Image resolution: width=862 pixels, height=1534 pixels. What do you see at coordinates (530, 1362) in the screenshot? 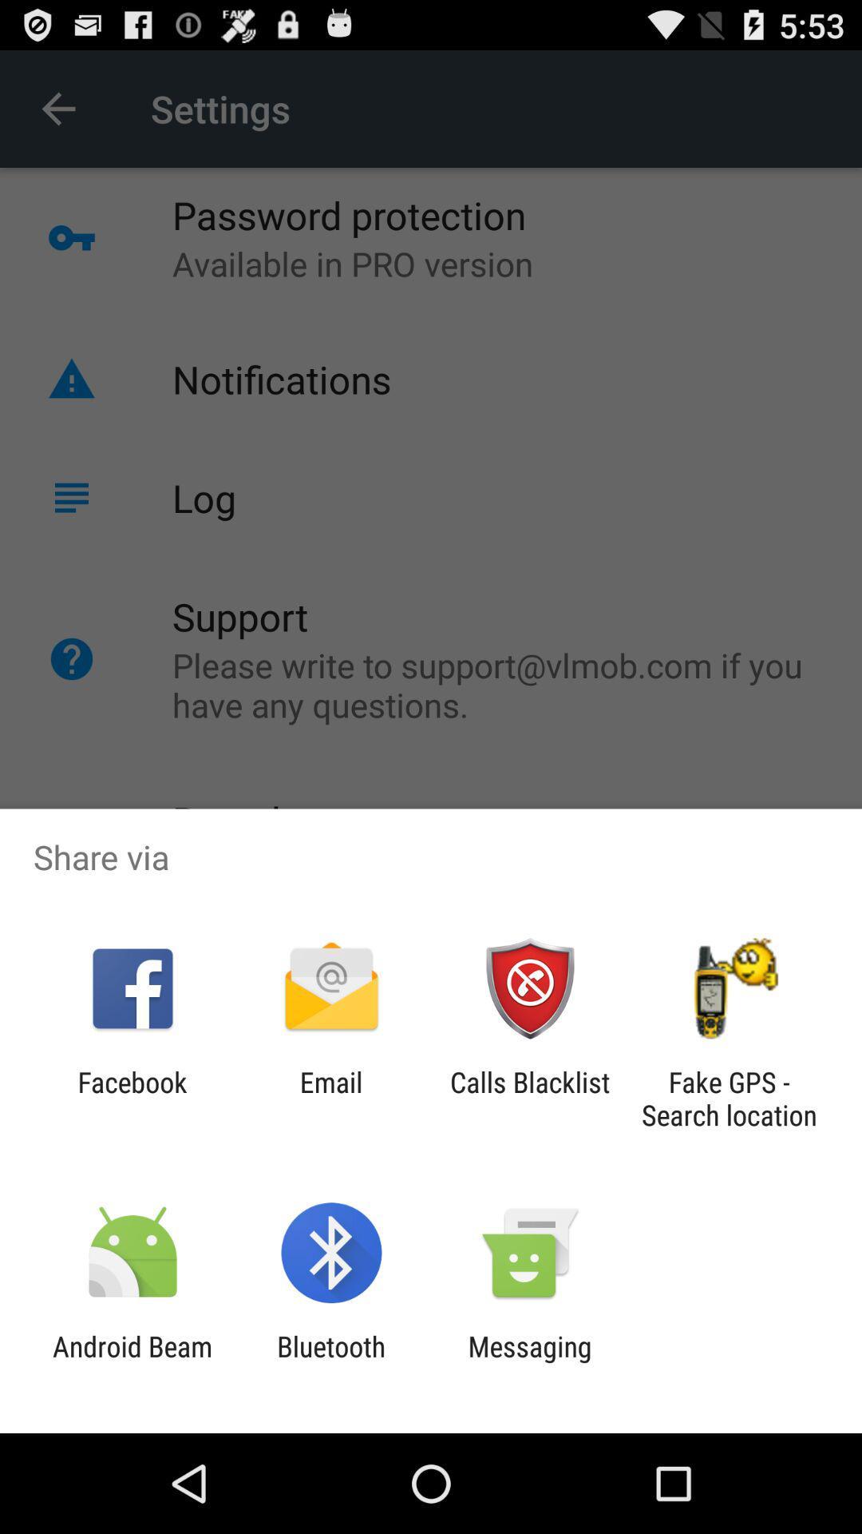
I see `app to the right of the bluetooth icon` at bounding box center [530, 1362].